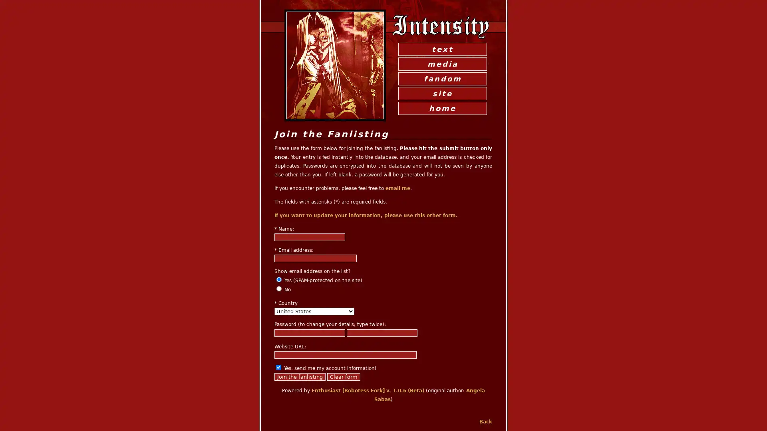 This screenshot has height=431, width=767. Describe the element at coordinates (299, 377) in the screenshot. I see `Join the fanlisting` at that location.